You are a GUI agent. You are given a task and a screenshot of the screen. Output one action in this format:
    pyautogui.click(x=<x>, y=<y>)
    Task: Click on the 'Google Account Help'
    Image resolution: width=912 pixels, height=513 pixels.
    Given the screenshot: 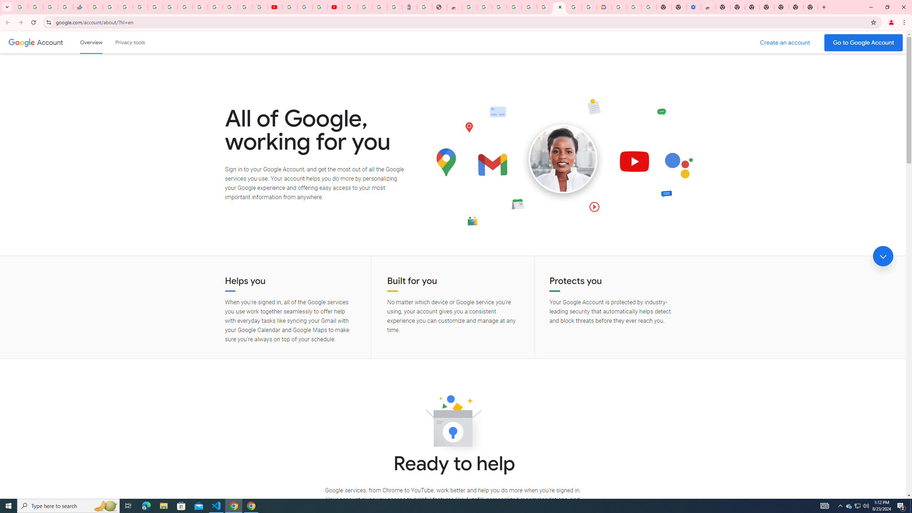 What is the action you would take?
    pyautogui.click(x=634, y=7)
    